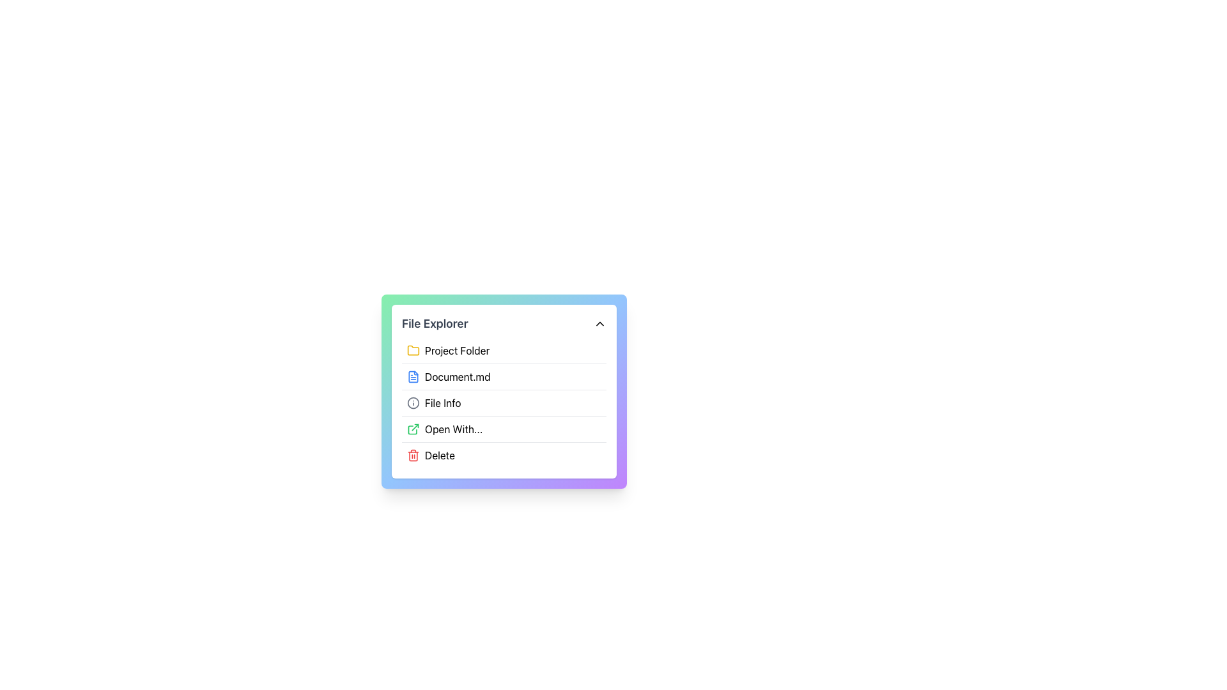 Image resolution: width=1227 pixels, height=690 pixels. Describe the element at coordinates (454, 429) in the screenshot. I see `the 'Open With...' label` at that location.